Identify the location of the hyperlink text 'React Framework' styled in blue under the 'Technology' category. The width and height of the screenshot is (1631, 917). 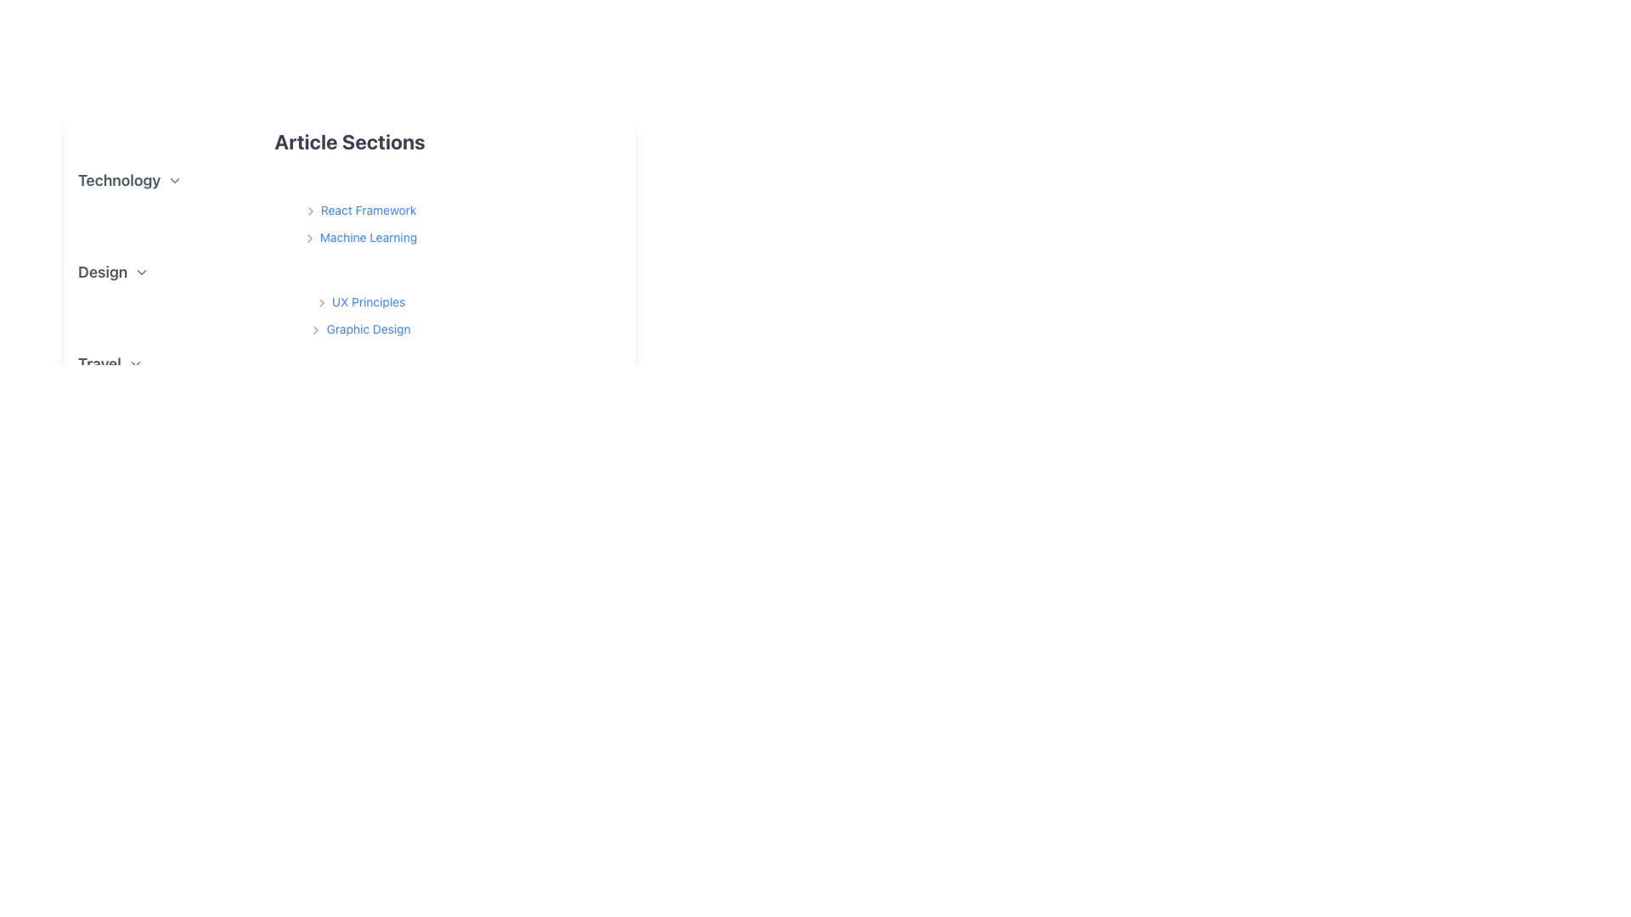
(358, 208).